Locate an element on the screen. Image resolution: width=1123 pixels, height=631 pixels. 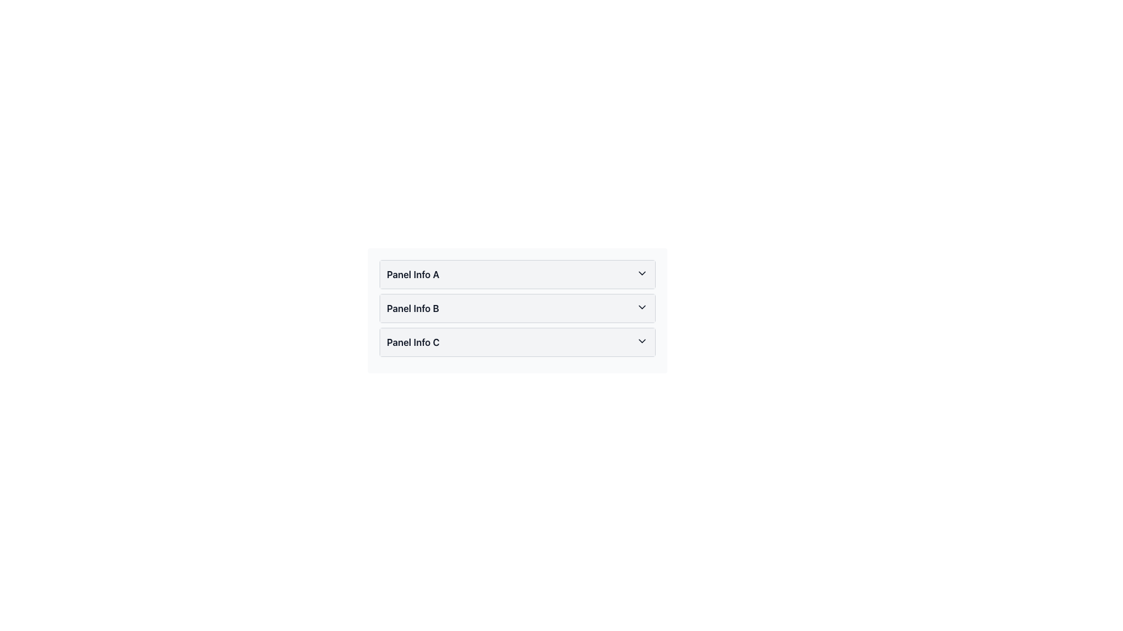
the text label 'Panel Info A', which is part of the topmost expandable panel header, displayed in bold dark gray or black font is located at coordinates (413, 275).